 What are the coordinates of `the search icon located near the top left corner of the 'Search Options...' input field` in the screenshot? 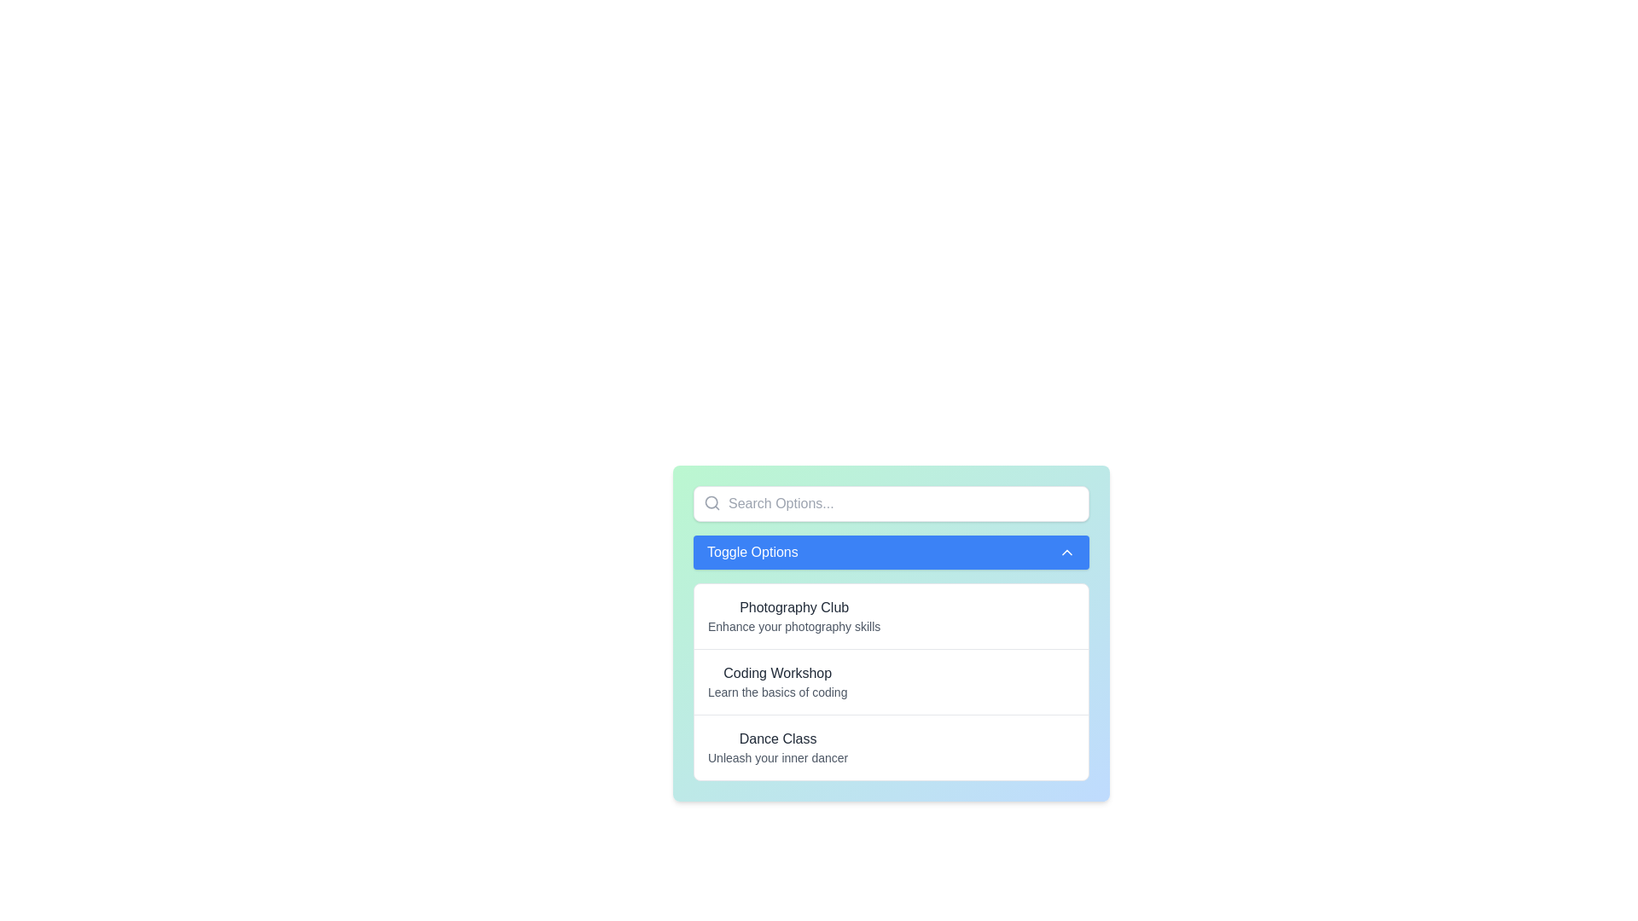 It's located at (712, 502).